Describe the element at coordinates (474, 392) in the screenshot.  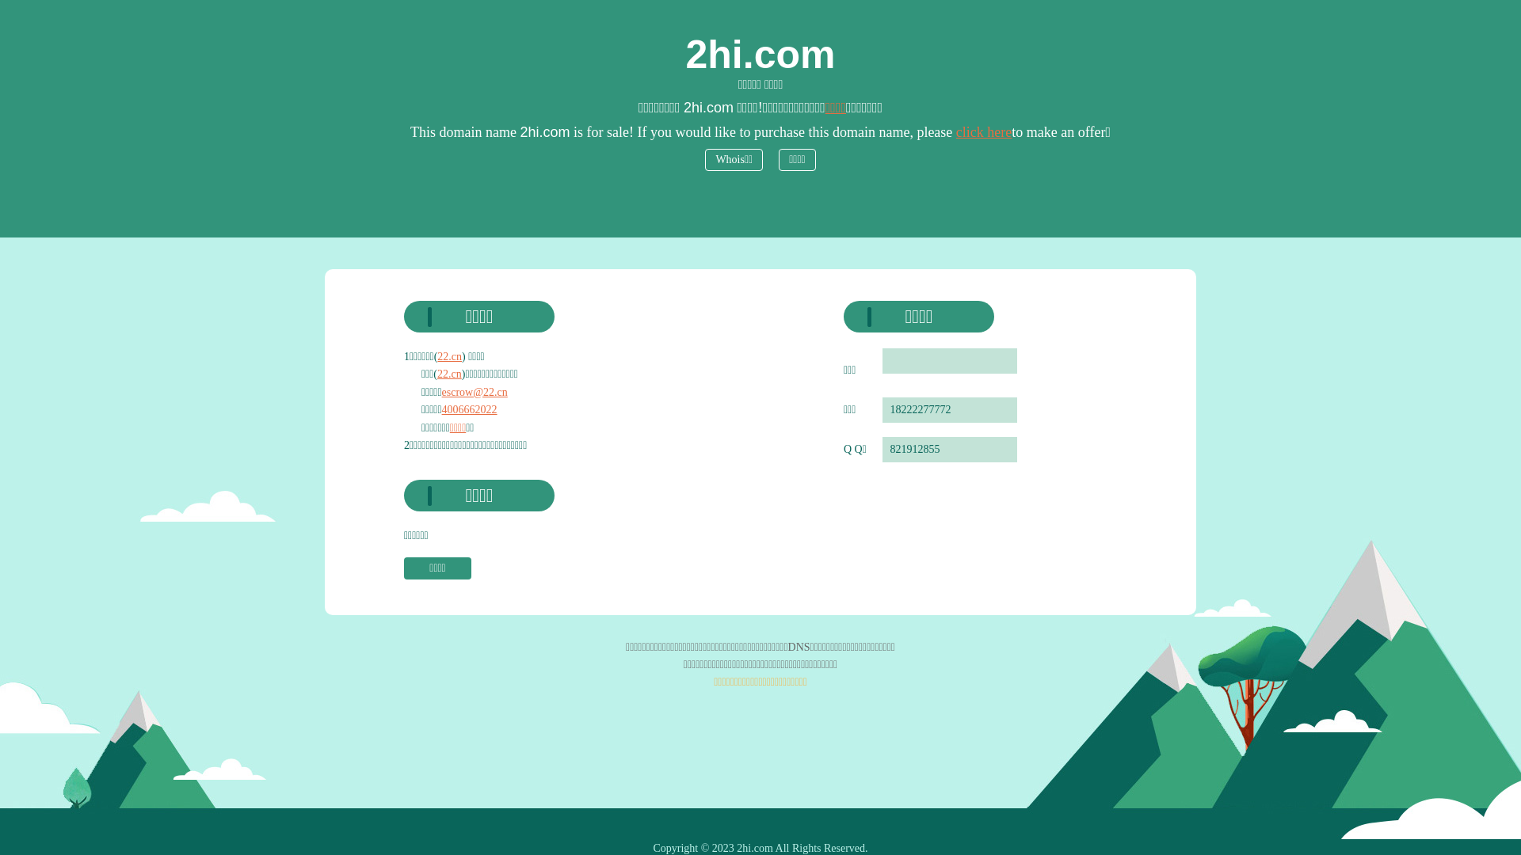
I see `'escrow@22.cn'` at that location.